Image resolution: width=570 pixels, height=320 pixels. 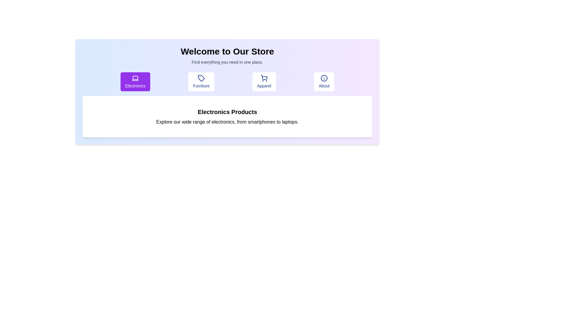 I want to click on the icon representing the 'Electronics' category, which is centered within the first purple button labeled 'Electronics' at the top row of options, so click(x=135, y=78).